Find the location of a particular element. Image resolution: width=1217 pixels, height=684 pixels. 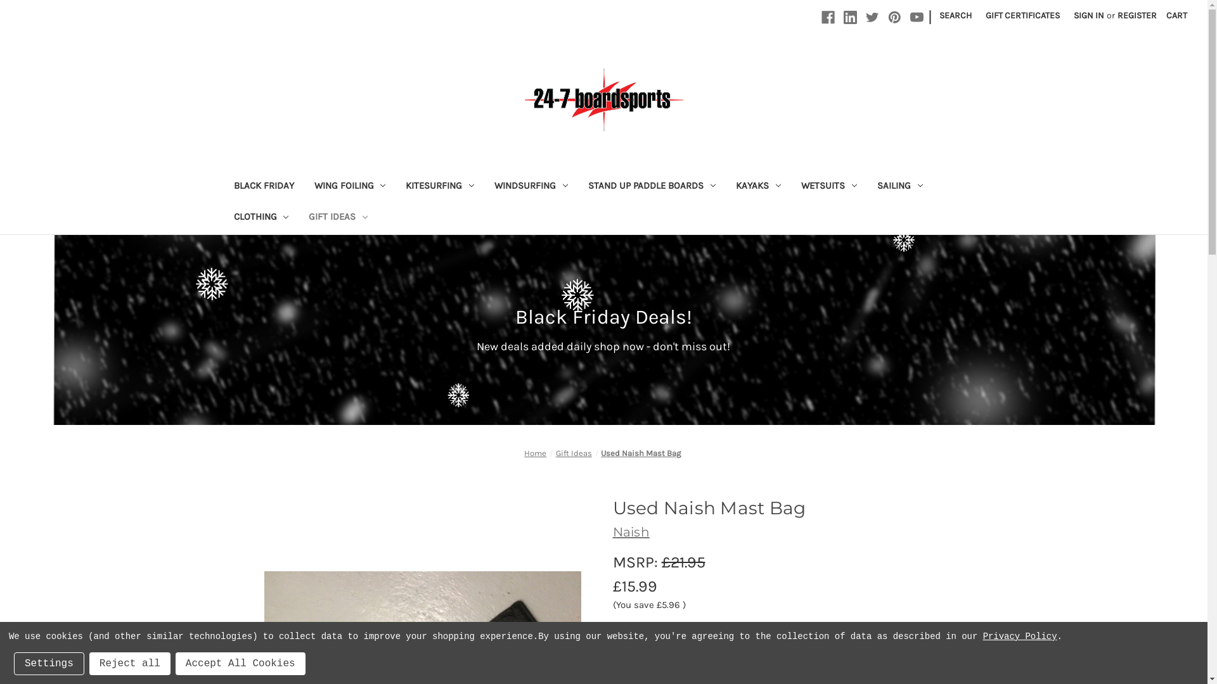

'CLOTHING' is located at coordinates (260, 217).